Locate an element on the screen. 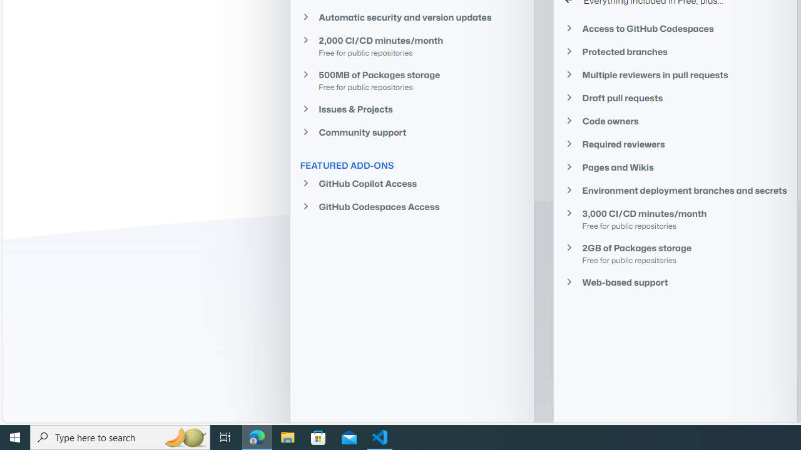 The height and width of the screenshot is (450, 801). 'Issues & Projects' is located at coordinates (411, 108).